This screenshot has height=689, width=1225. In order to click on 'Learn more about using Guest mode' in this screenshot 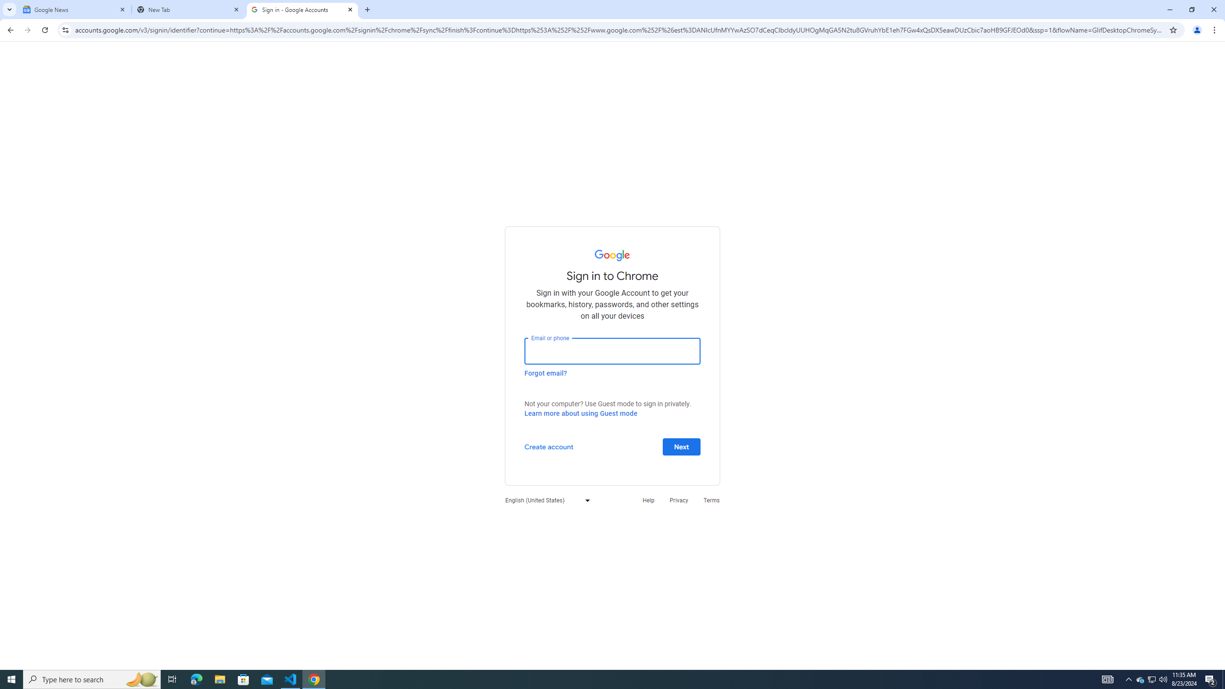, I will do `click(580, 413)`.